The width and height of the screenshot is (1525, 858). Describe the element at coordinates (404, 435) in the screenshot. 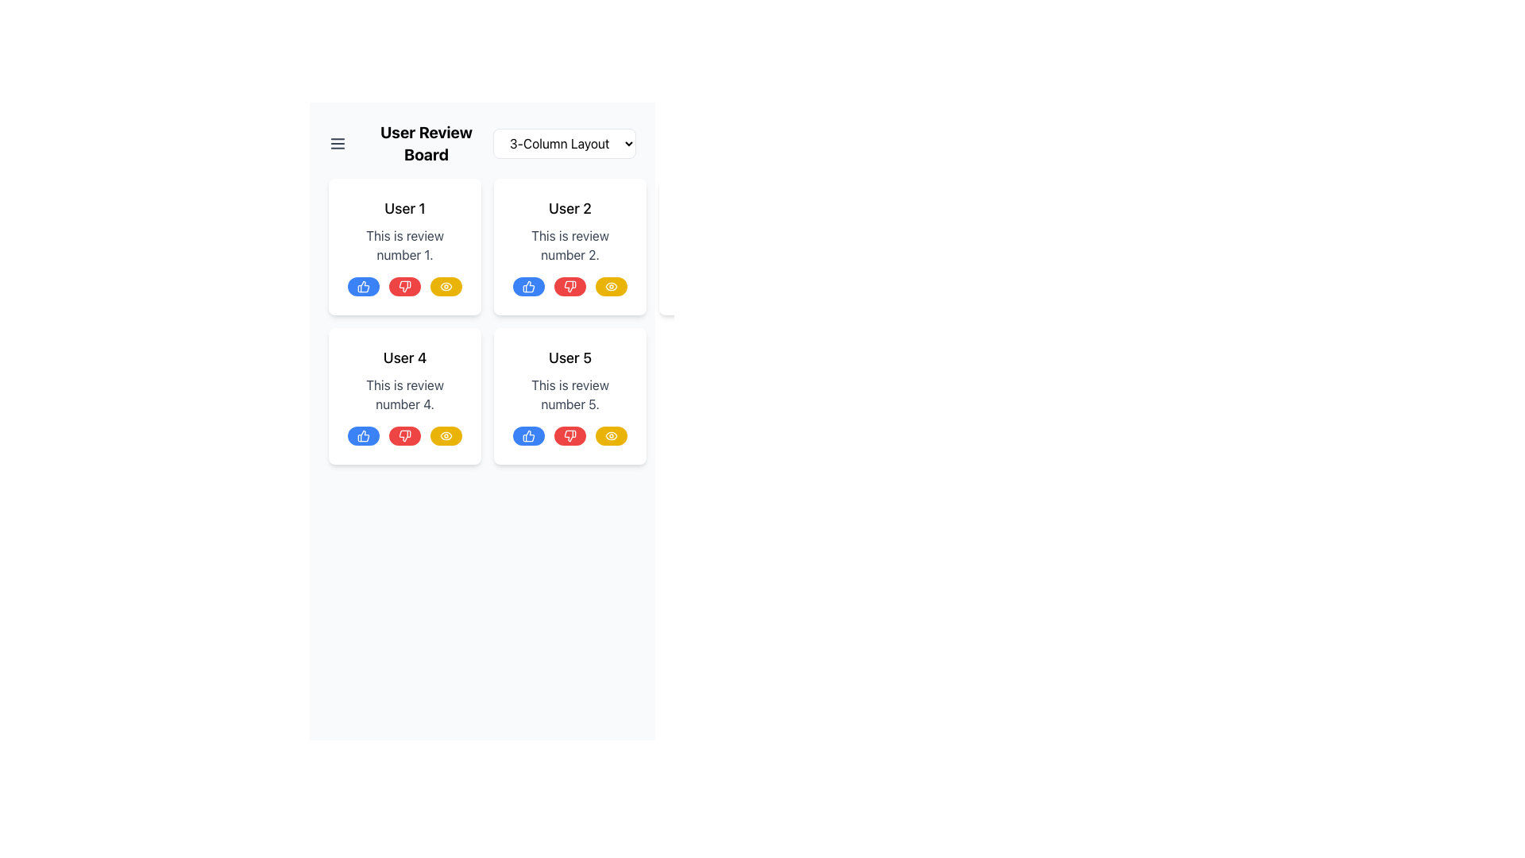

I see `the thumbs-down button, which is the middle button in a set of three buttons below 'User 4'` at that location.